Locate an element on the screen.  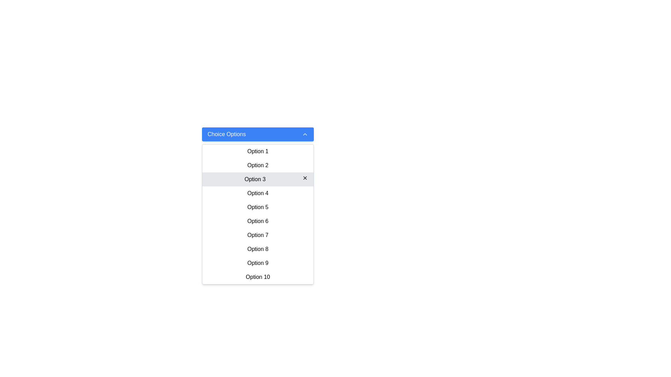
the text label displaying 'Option 3' in the third row of the dropdown menu labeled 'Choice Options' is located at coordinates (254, 179).